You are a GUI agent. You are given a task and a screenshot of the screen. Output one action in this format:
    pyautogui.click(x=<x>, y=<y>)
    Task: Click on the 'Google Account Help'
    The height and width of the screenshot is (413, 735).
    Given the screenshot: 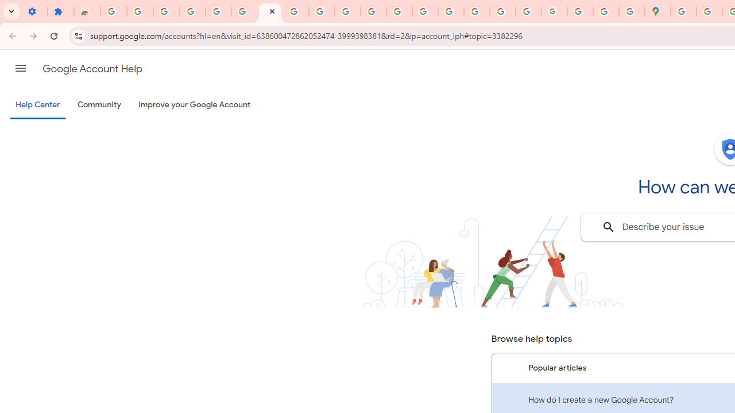 What is the action you would take?
    pyautogui.click(x=92, y=68)
    